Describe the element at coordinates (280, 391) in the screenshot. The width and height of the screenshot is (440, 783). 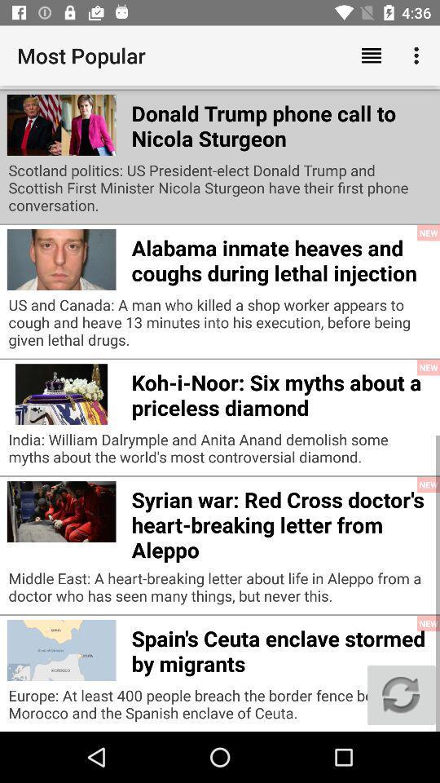
I see `the icon above india william dalrymple item` at that location.